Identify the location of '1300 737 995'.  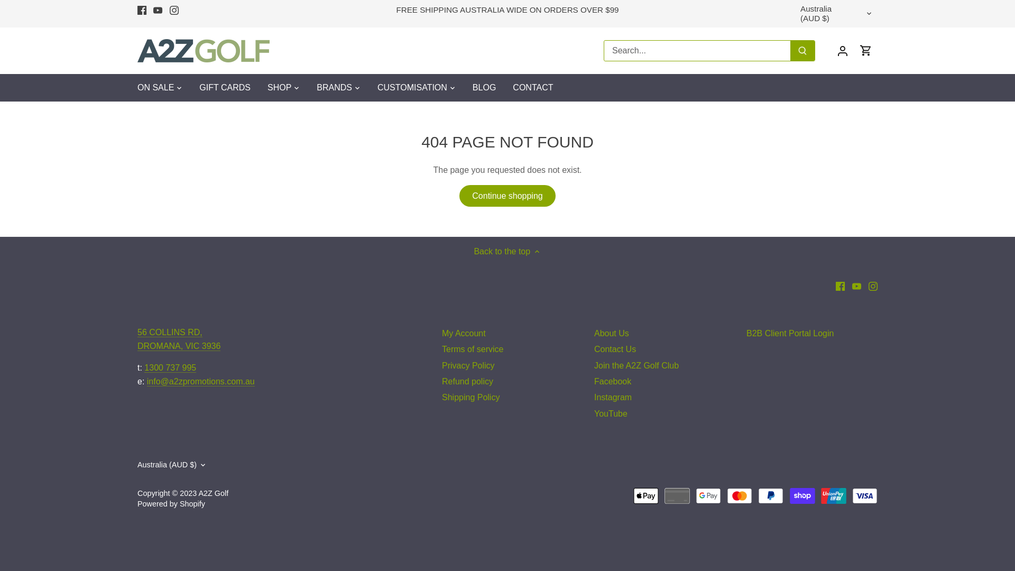
(170, 367).